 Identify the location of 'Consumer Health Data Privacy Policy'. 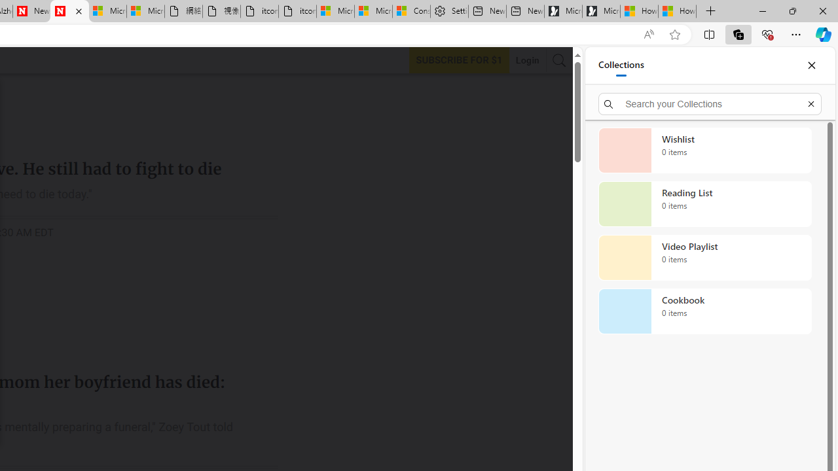
(410, 11).